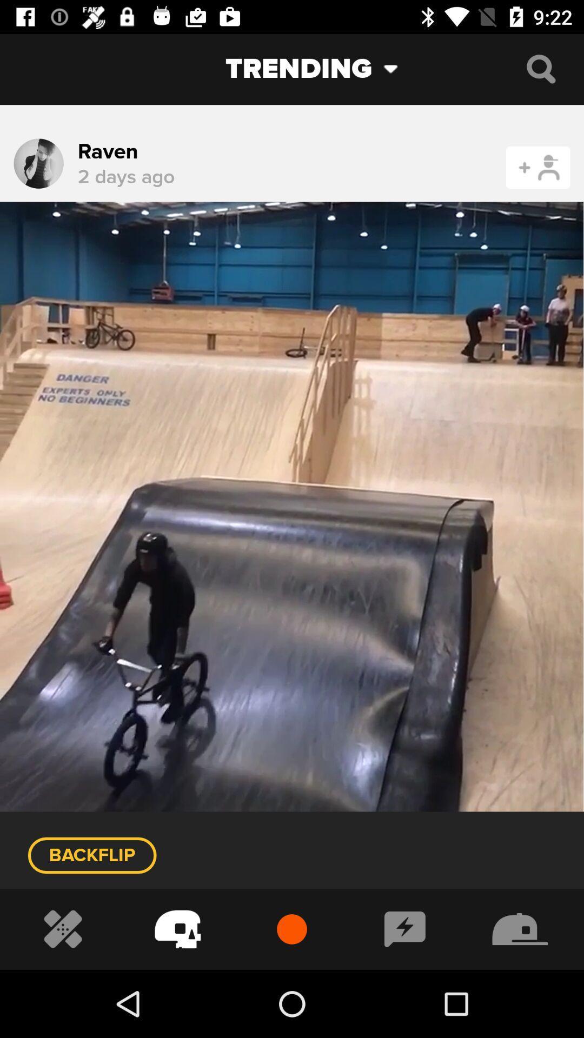 The width and height of the screenshot is (584, 1038). Describe the element at coordinates (399, 68) in the screenshot. I see `the expand_more icon` at that location.